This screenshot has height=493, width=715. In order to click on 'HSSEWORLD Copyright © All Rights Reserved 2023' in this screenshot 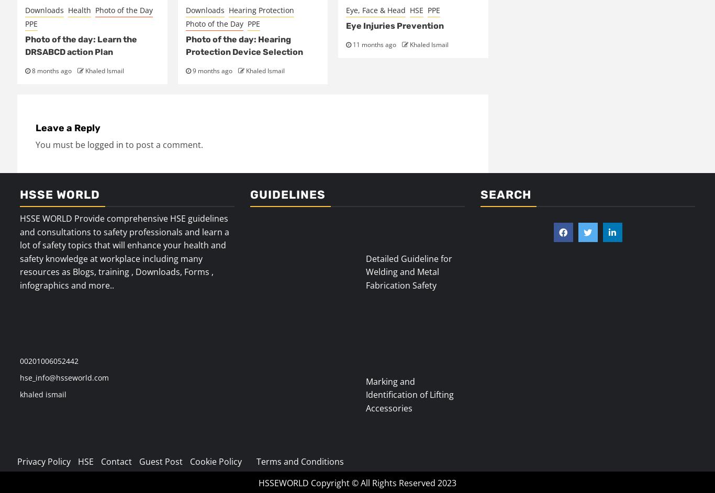, I will do `click(357, 482)`.